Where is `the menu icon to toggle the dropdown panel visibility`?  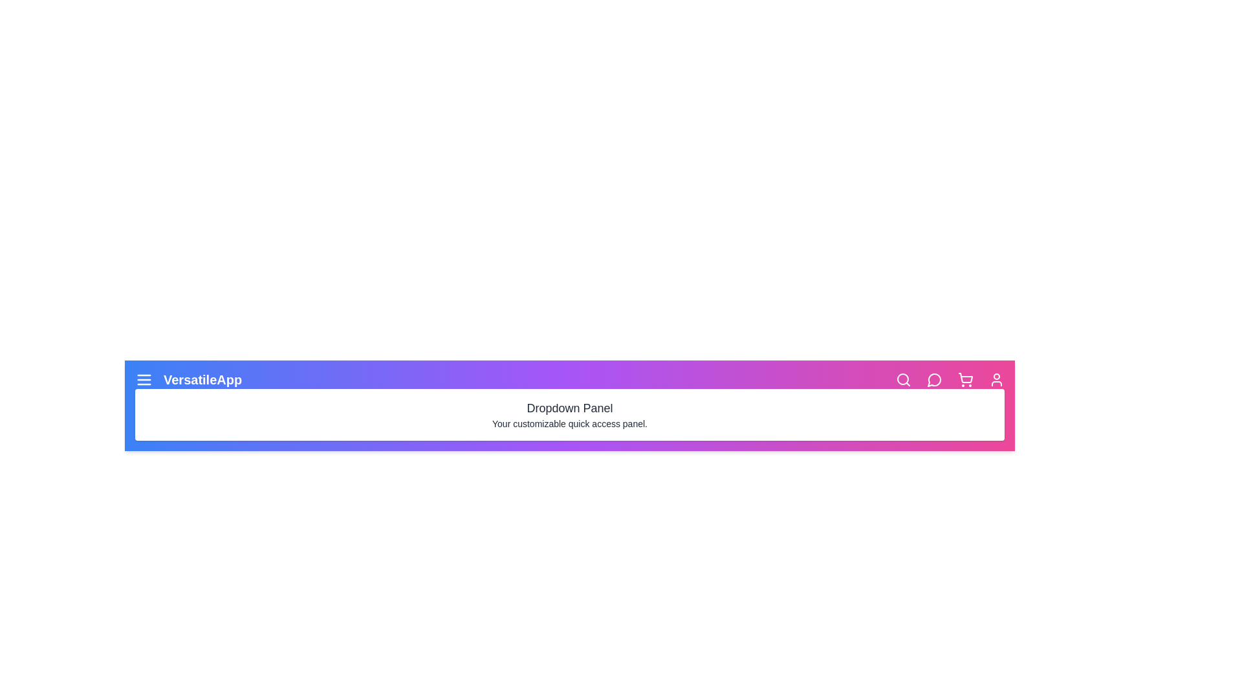
the menu icon to toggle the dropdown panel visibility is located at coordinates (144, 379).